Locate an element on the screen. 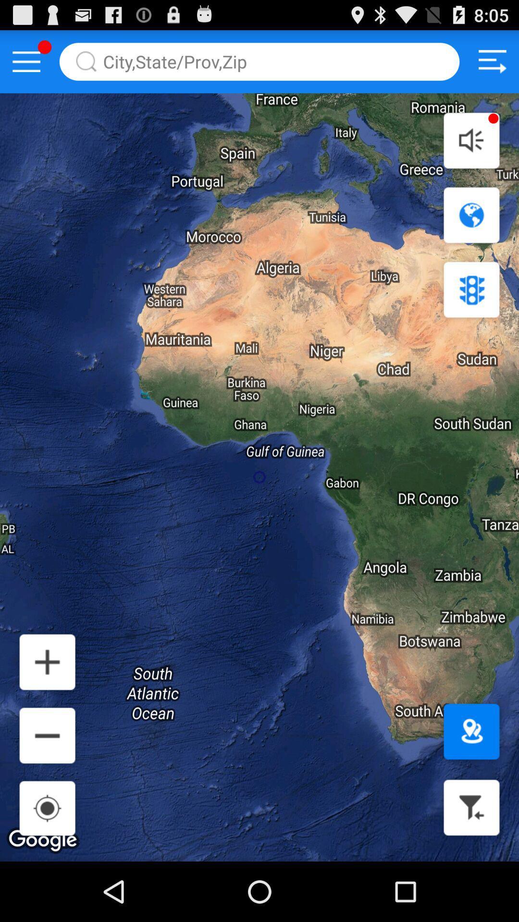 The width and height of the screenshot is (519, 922). increase is located at coordinates (47, 661).